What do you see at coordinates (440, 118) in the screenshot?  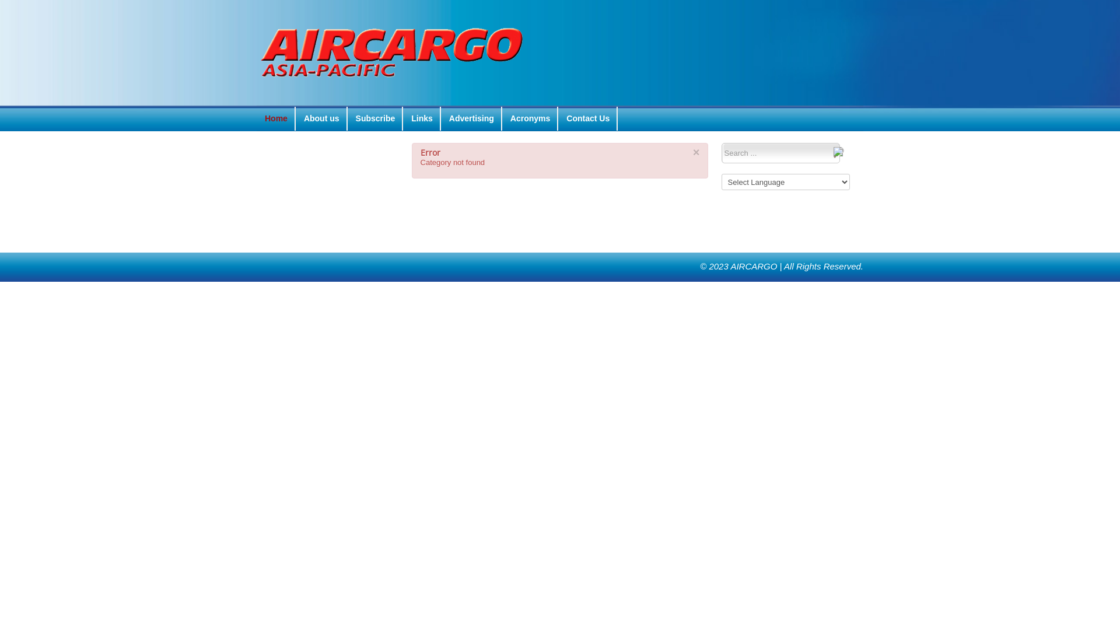 I see `'Advertising'` at bounding box center [440, 118].